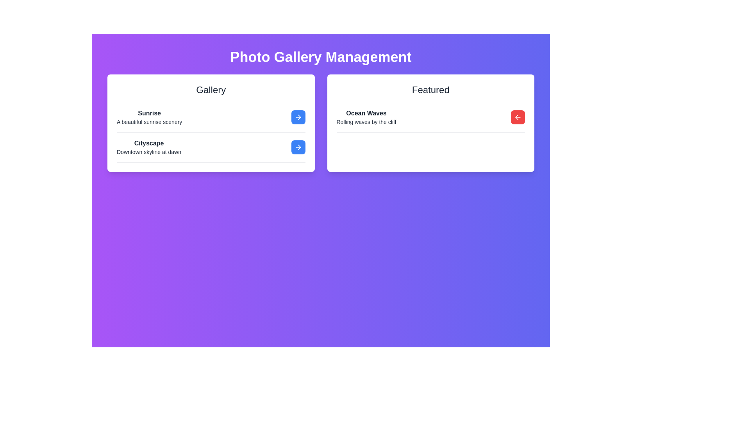 This screenshot has height=421, width=750. I want to click on the non-interactive text label located at the top of the 'Featured' section, indicating the name or theme of the associated content, so click(366, 113).